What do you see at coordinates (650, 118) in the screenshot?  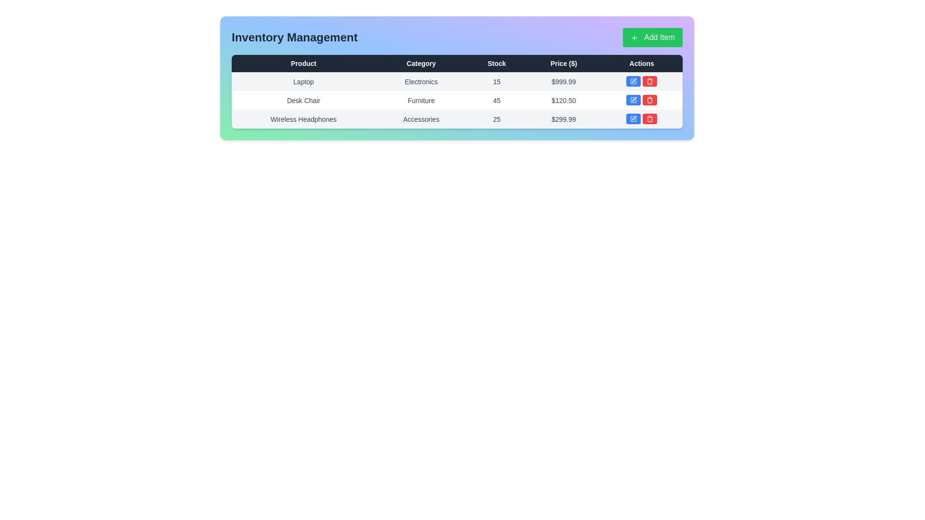 I see `the compact red button with a trash bin icon in the 'Actions' column of the last row` at bounding box center [650, 118].